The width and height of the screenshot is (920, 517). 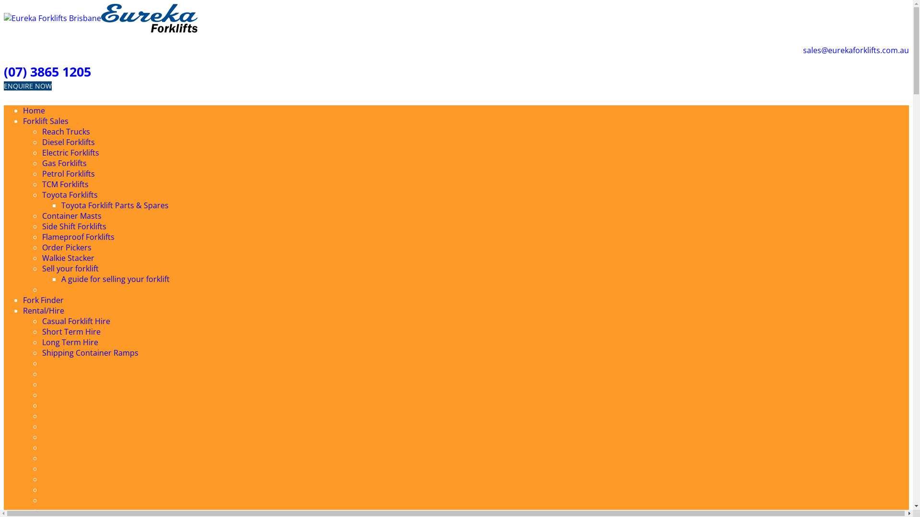 I want to click on 'Shipping Container Ramps', so click(x=90, y=352).